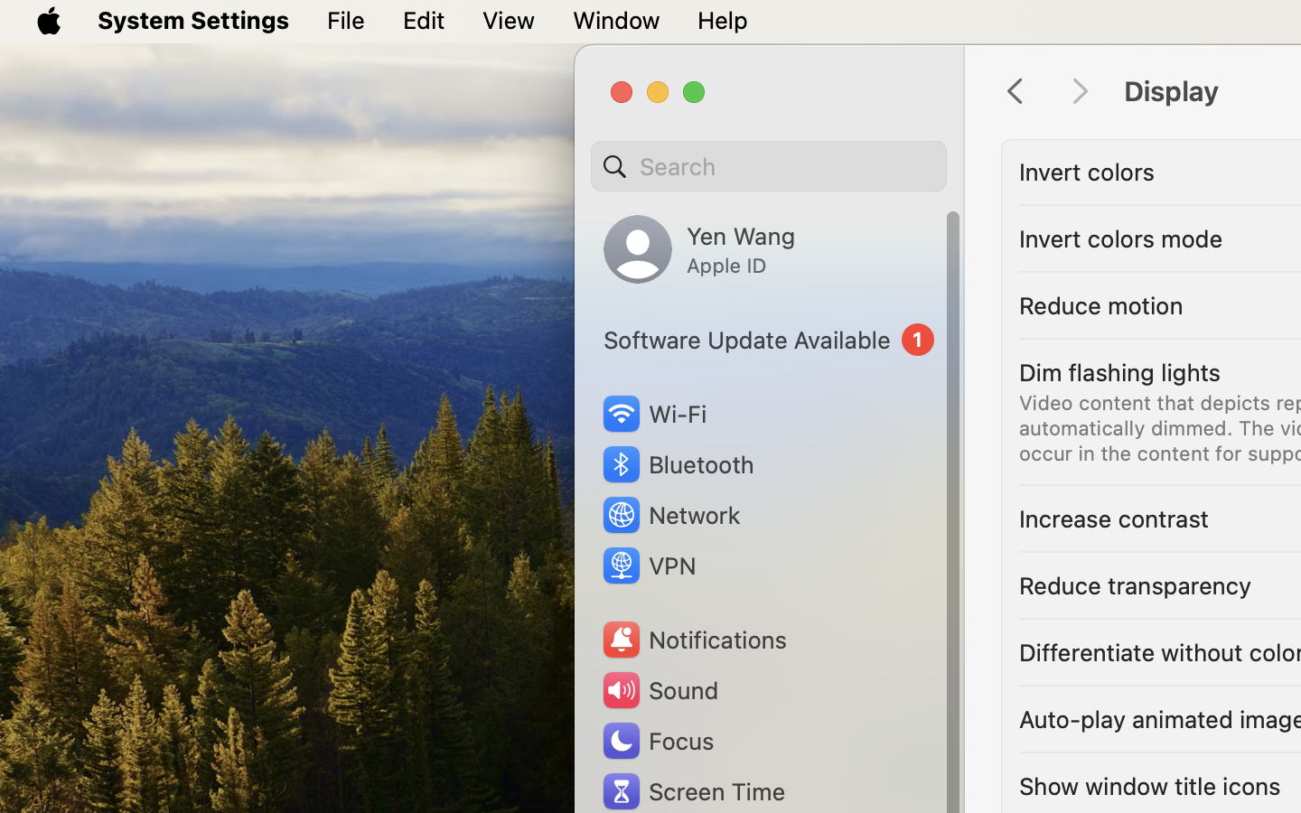 This screenshot has height=813, width=1301. Describe the element at coordinates (1085, 171) in the screenshot. I see `'Invert colors'` at that location.